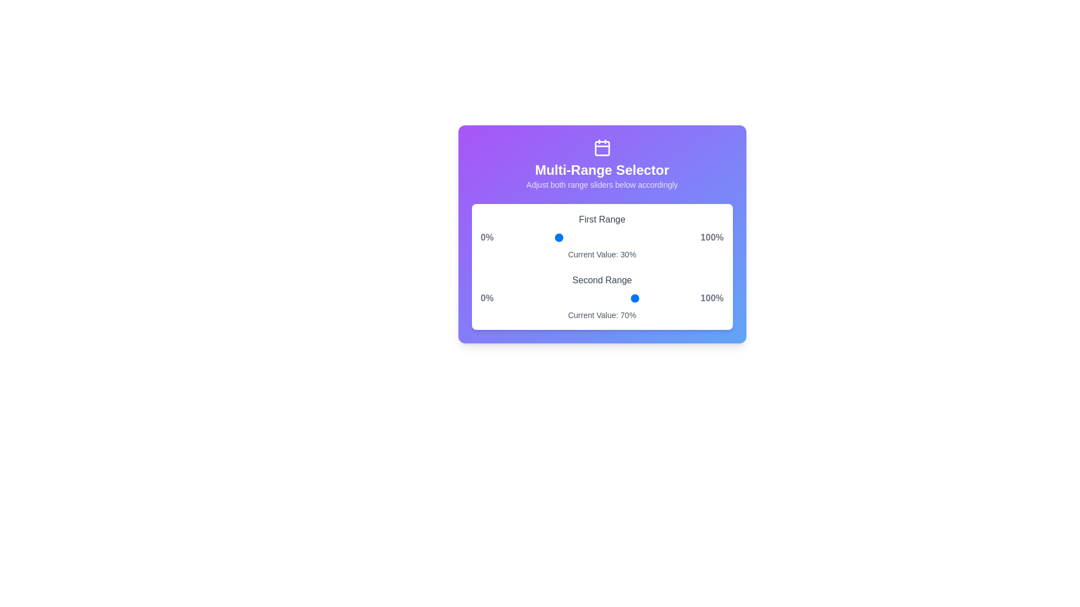  Describe the element at coordinates (601, 147) in the screenshot. I see `the calendar icon located at the top-center of the card component, above the title 'Multi-Range Selector'` at that location.